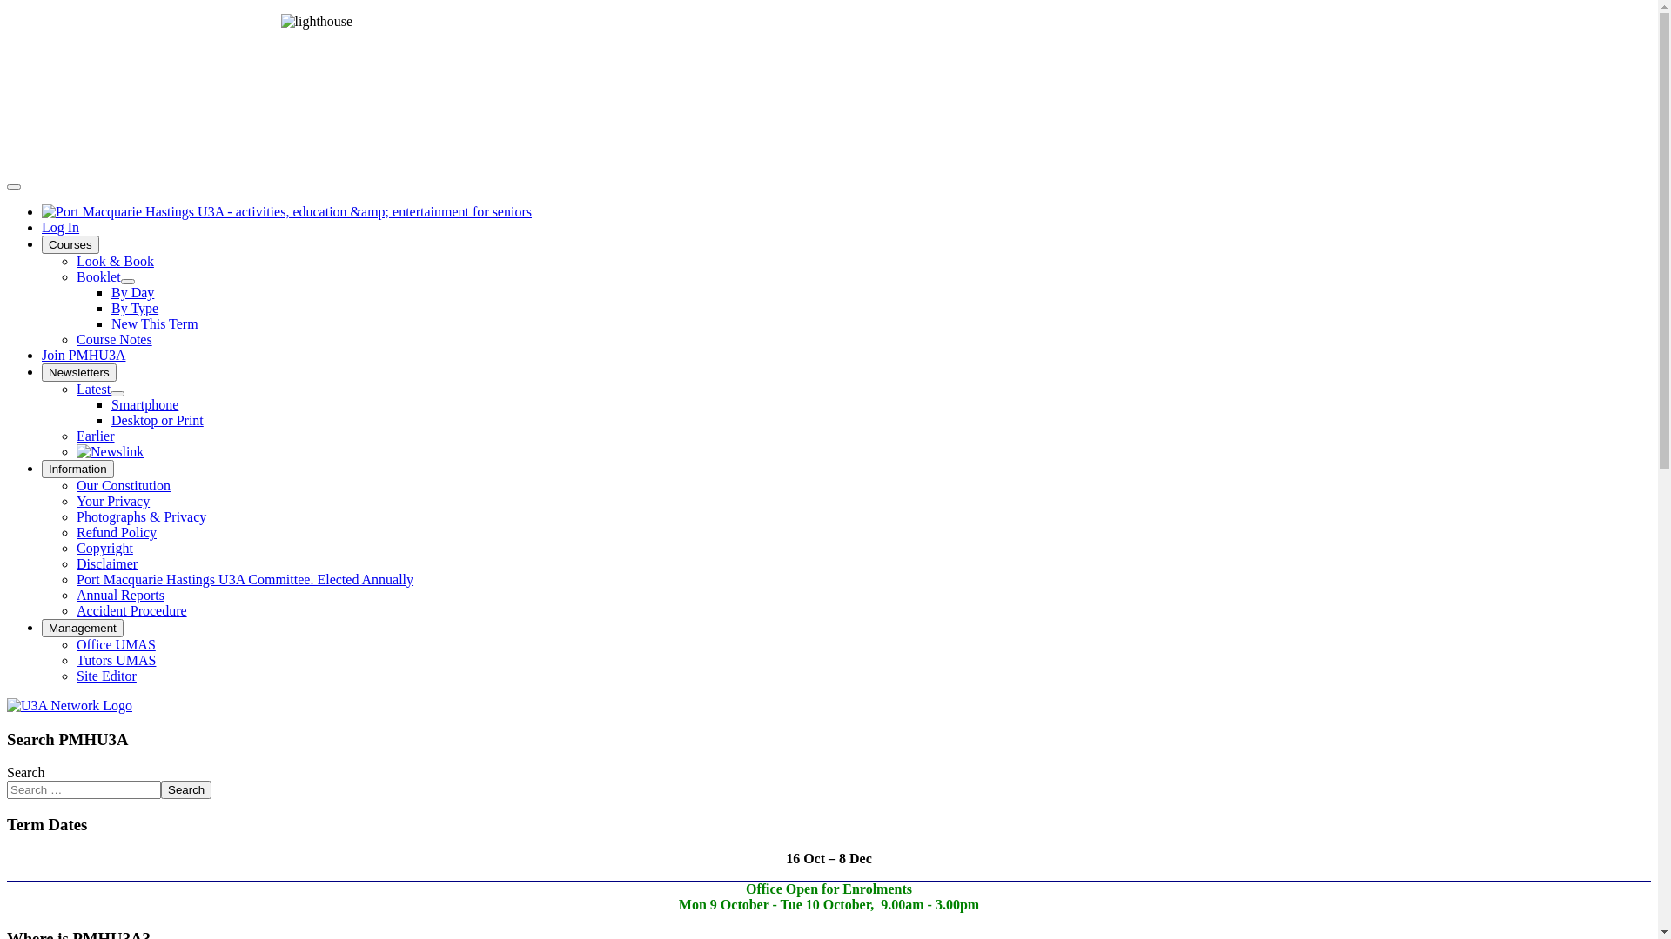  Describe the element at coordinates (95, 435) in the screenshot. I see `'Earlier'` at that location.